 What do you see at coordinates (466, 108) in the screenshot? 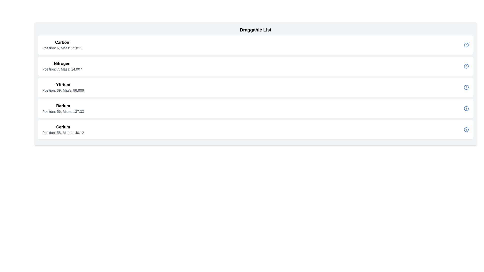
I see `the status indicator icon located to the extreme right of the list item labeled 'Barium Position: 56, Mass: 137.33', which is the fourth item in the vertical list` at bounding box center [466, 108].